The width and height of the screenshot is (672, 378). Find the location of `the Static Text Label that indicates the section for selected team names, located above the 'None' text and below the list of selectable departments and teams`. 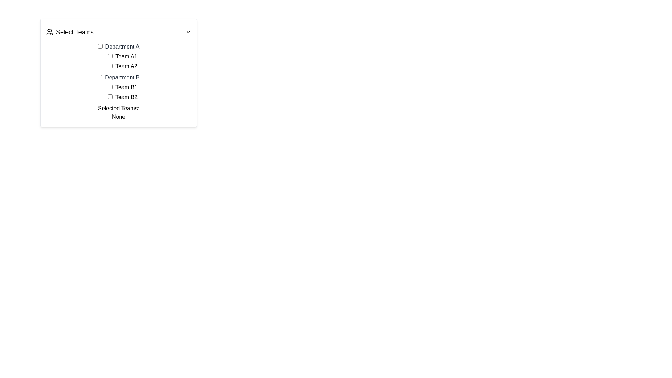

the Static Text Label that indicates the section for selected team names, located above the 'None' text and below the list of selectable departments and teams is located at coordinates (119, 108).